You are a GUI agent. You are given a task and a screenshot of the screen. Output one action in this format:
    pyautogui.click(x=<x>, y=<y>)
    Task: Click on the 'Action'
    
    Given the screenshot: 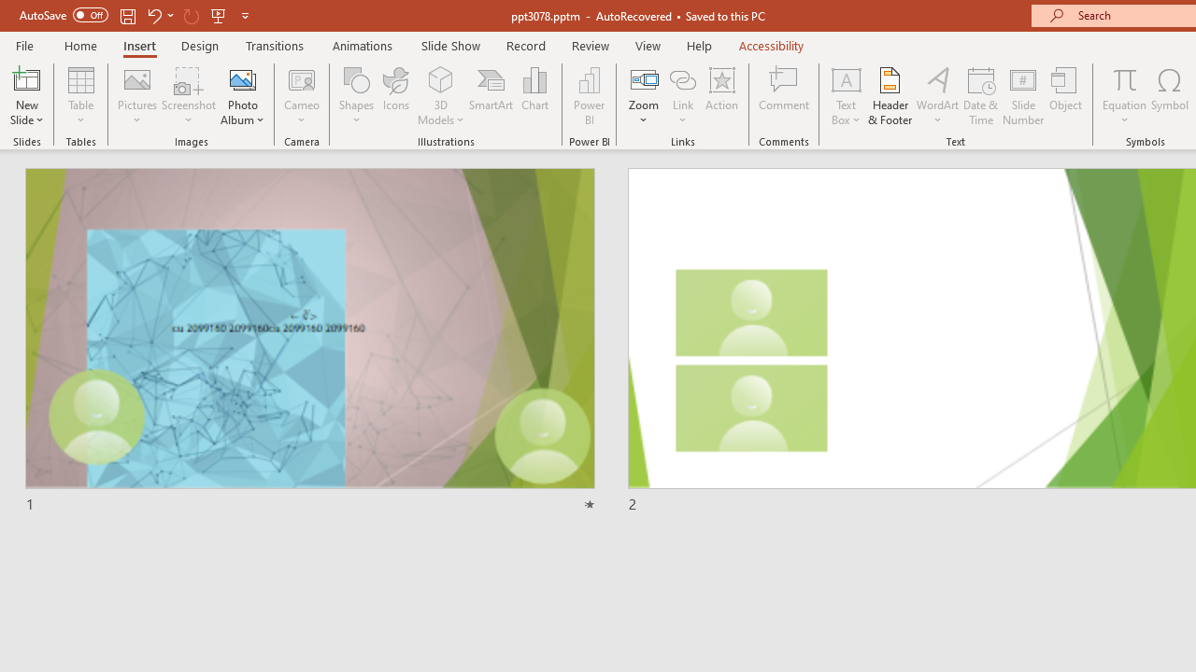 What is the action you would take?
    pyautogui.click(x=721, y=96)
    